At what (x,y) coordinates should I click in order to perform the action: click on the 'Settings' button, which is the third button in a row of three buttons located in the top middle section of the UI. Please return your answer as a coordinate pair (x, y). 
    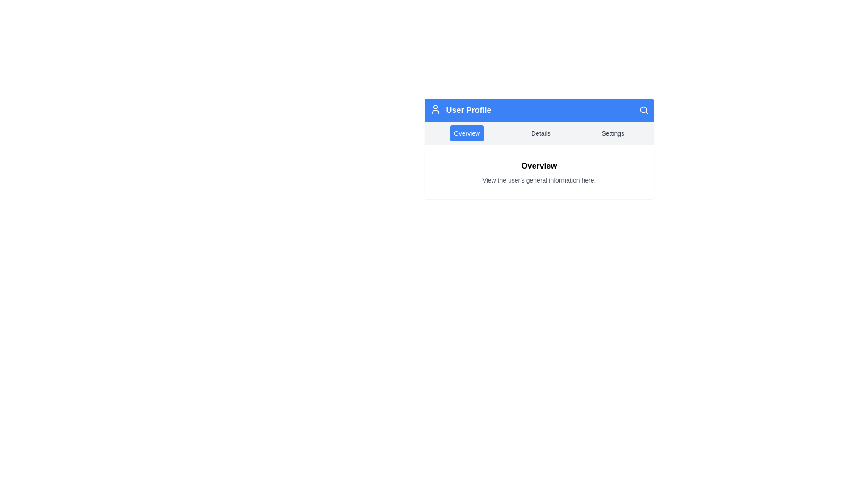
    Looking at the image, I should click on (612, 133).